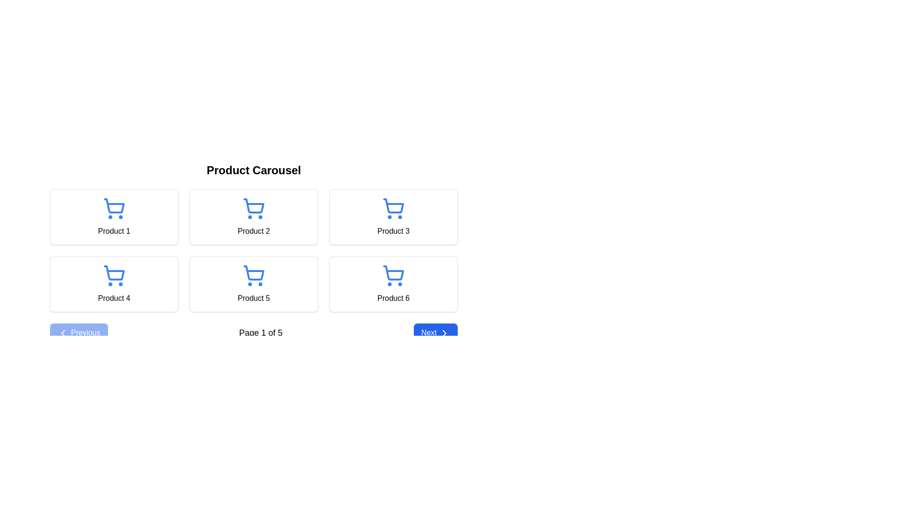  I want to click on the text label displaying 'Product 2', which is centrally positioned below the shopping cart icon in a product grid layout, so click(253, 231).